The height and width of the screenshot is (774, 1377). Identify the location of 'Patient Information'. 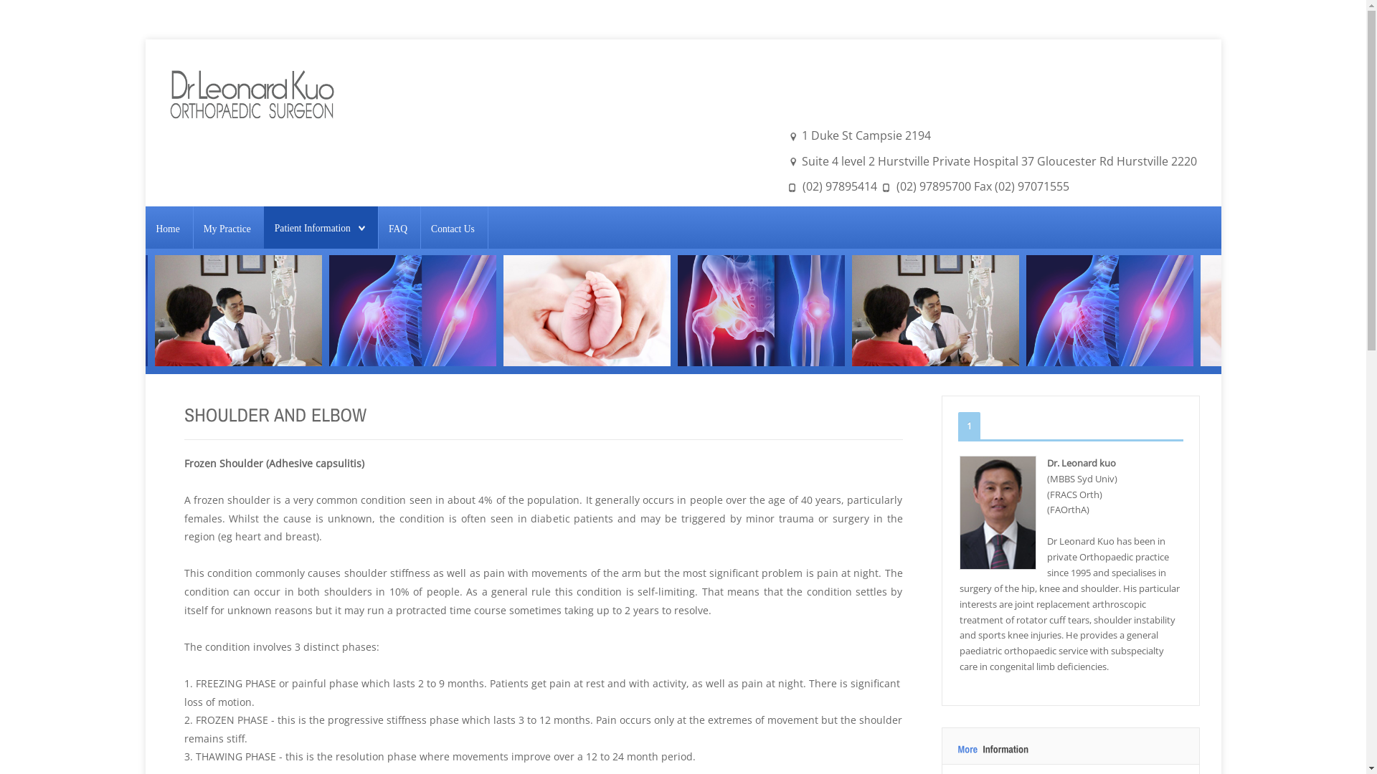
(319, 228).